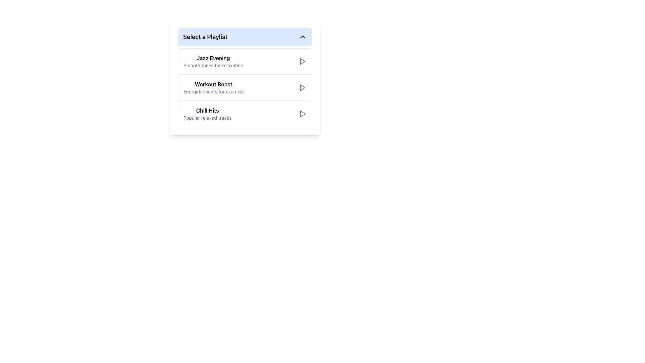 The height and width of the screenshot is (363, 645). What do you see at coordinates (302, 61) in the screenshot?
I see `the triangular play icon located at the far right of the 'Jazz Evening' playlist item` at bounding box center [302, 61].